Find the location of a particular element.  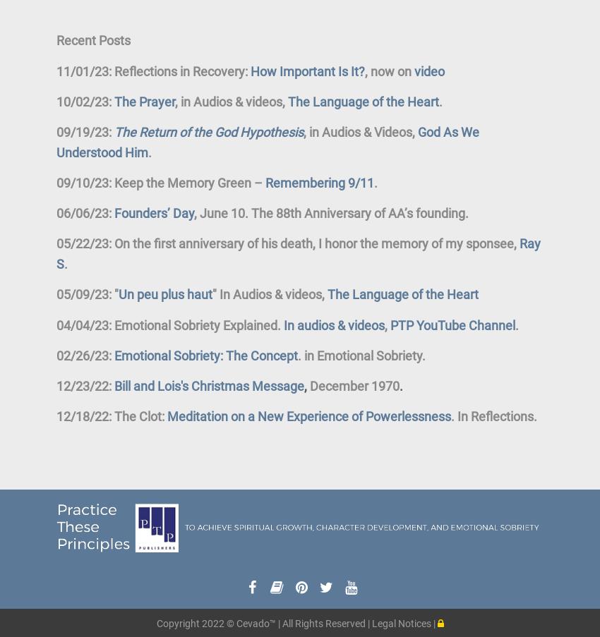

'Copyright 2022 ©' is located at coordinates (195, 623).